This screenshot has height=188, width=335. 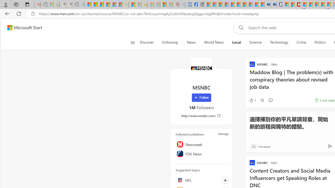 What do you see at coordinates (267, 4) in the screenshot?
I see `'Cheap Car Rentals - Save70.com'` at bounding box center [267, 4].